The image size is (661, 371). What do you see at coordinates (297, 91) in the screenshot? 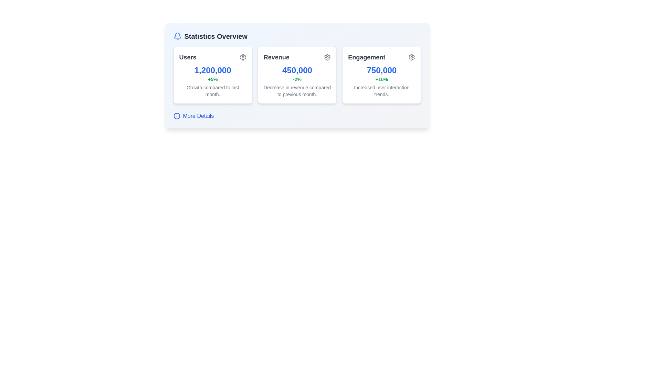
I see `the Text Display element that provides supplementary descriptive information about the revenue data, located beneath the percentage text '-2%' in the central statistic card titled 'Revenue'` at bounding box center [297, 91].